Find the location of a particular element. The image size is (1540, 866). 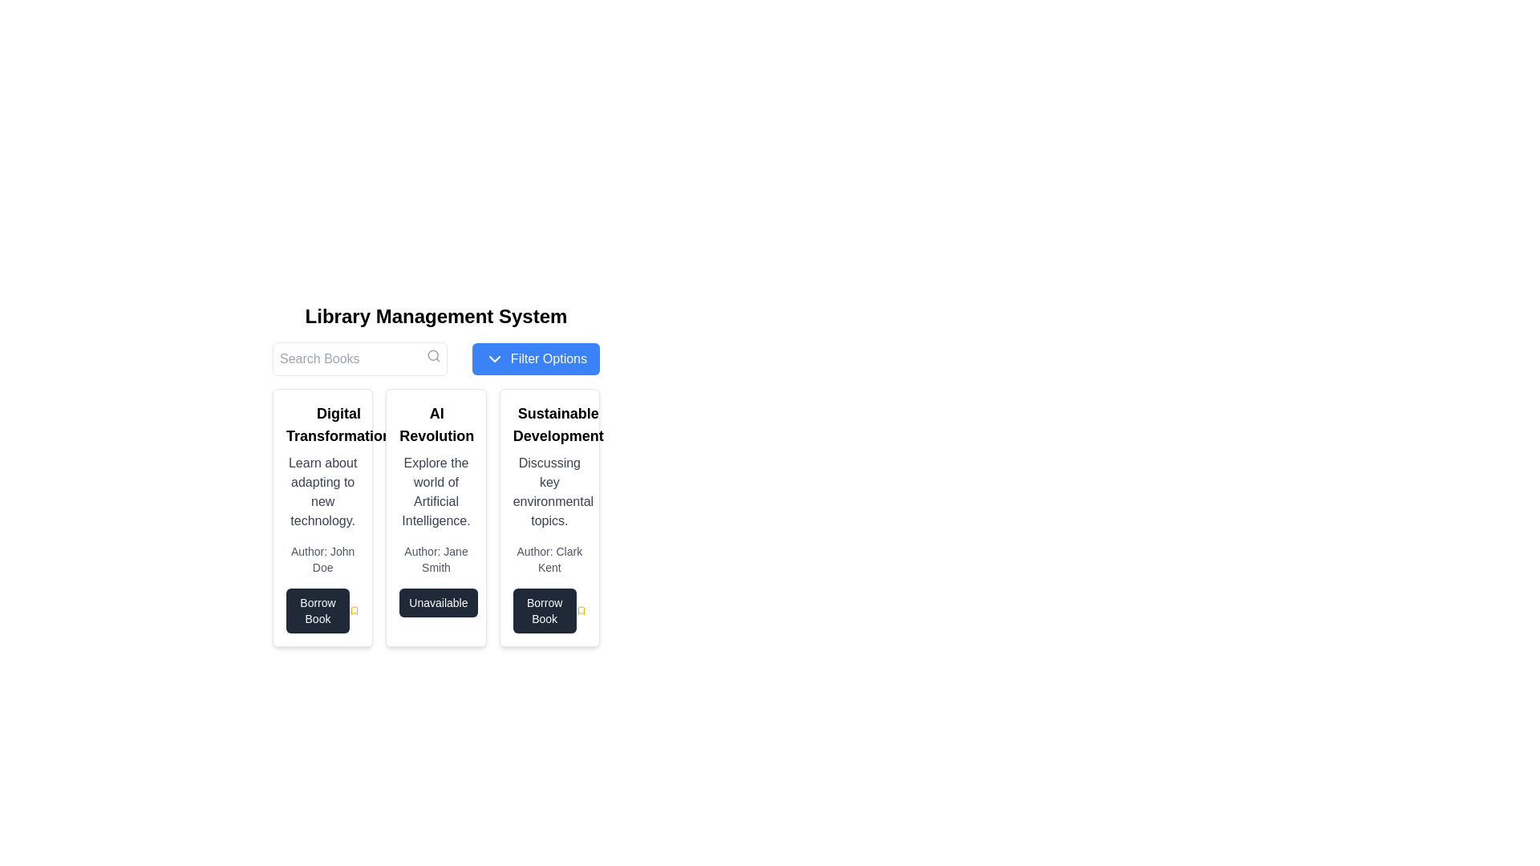

the static text displaying 'Author: Jane Smith' located in the second card titled 'AI Revolution', which is positioned centrally below the primary description and above the 'Unavailable' button is located at coordinates (436, 559).